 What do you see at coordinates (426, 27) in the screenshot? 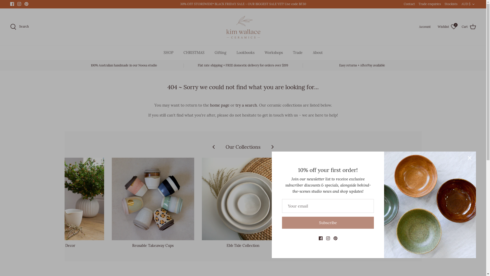
I see `'Account'` at bounding box center [426, 27].